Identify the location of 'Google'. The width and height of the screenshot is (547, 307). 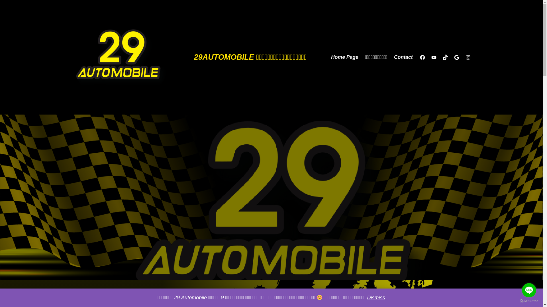
(453, 57).